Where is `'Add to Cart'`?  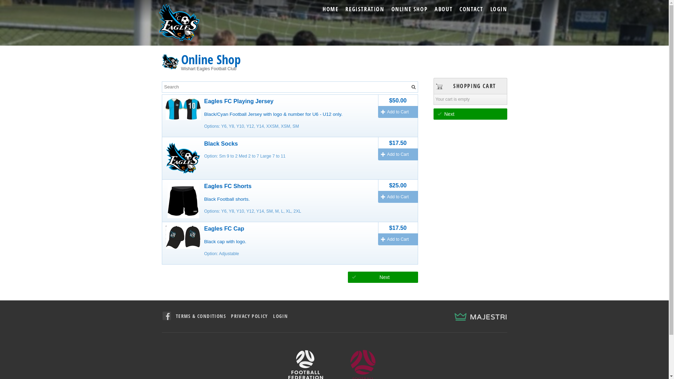
'Add to Cart' is located at coordinates (397, 239).